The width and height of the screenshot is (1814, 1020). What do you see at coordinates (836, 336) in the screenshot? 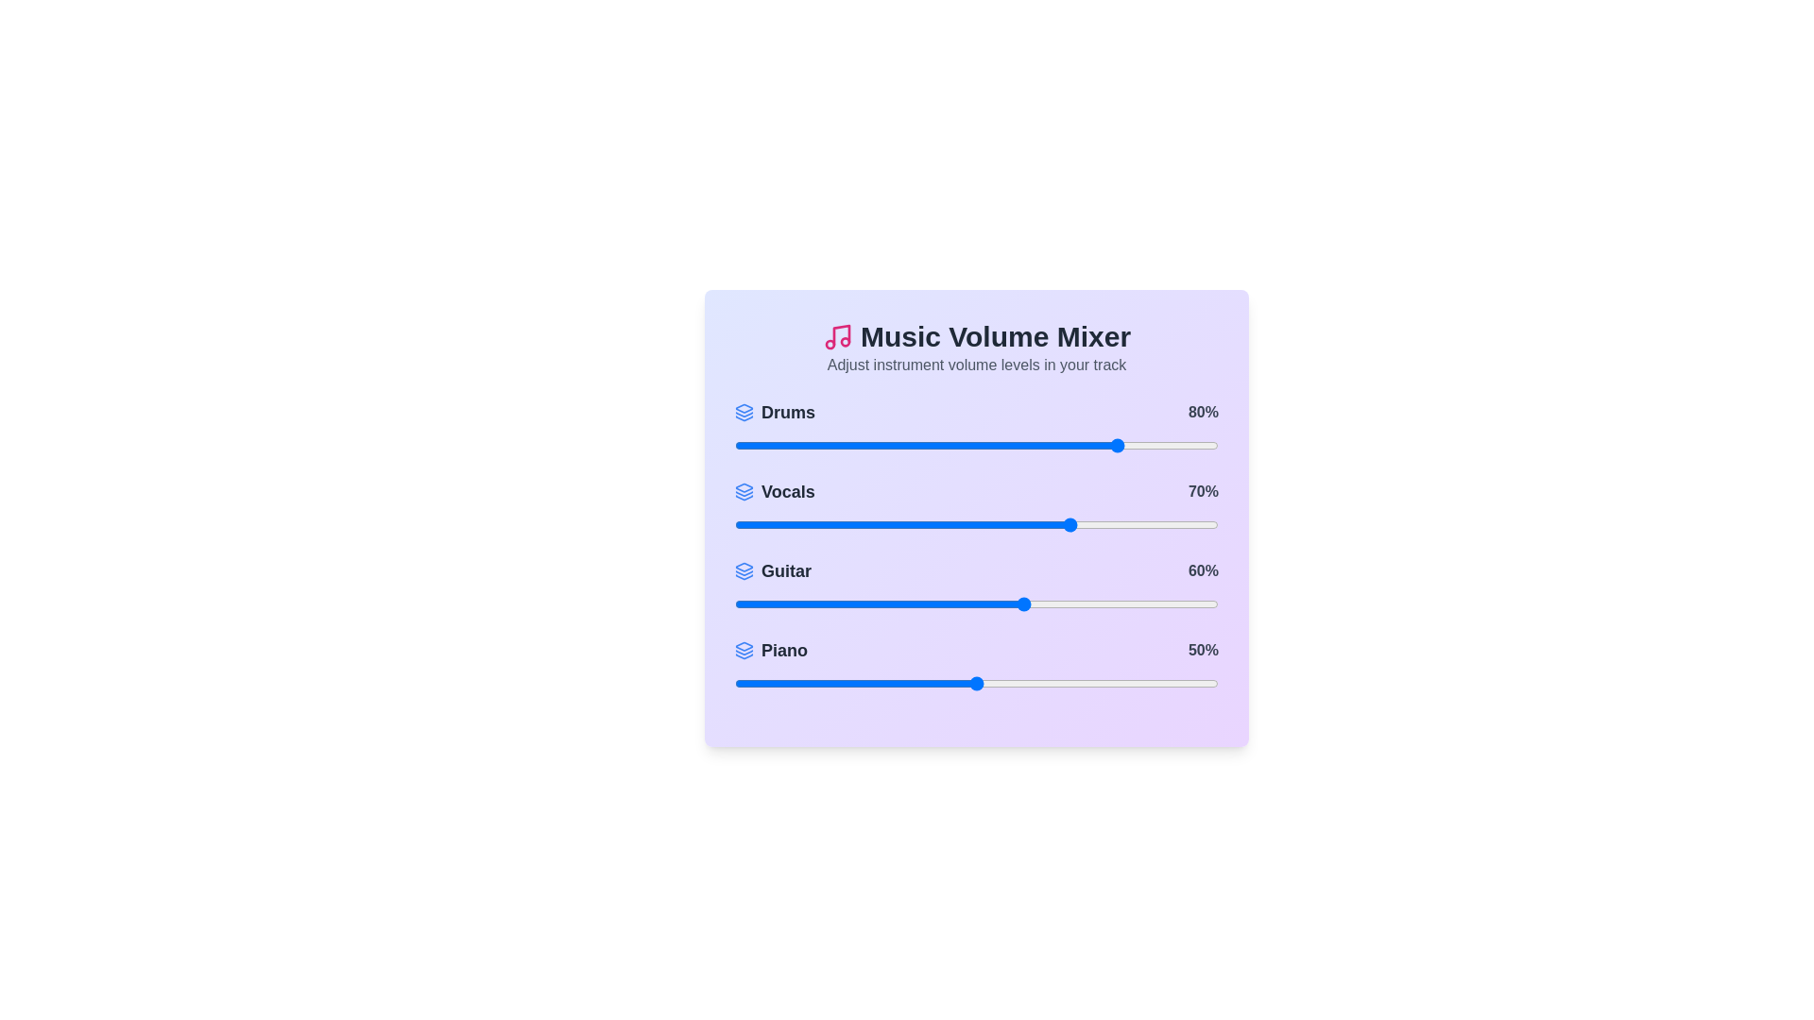
I see `the music icon in the header to explore its visual elements` at bounding box center [836, 336].